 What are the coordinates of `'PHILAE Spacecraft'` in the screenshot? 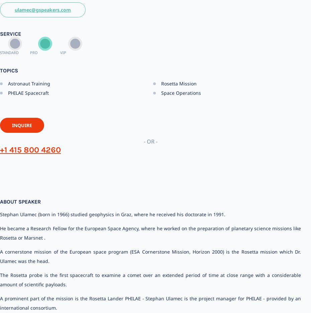 It's located at (28, 92).